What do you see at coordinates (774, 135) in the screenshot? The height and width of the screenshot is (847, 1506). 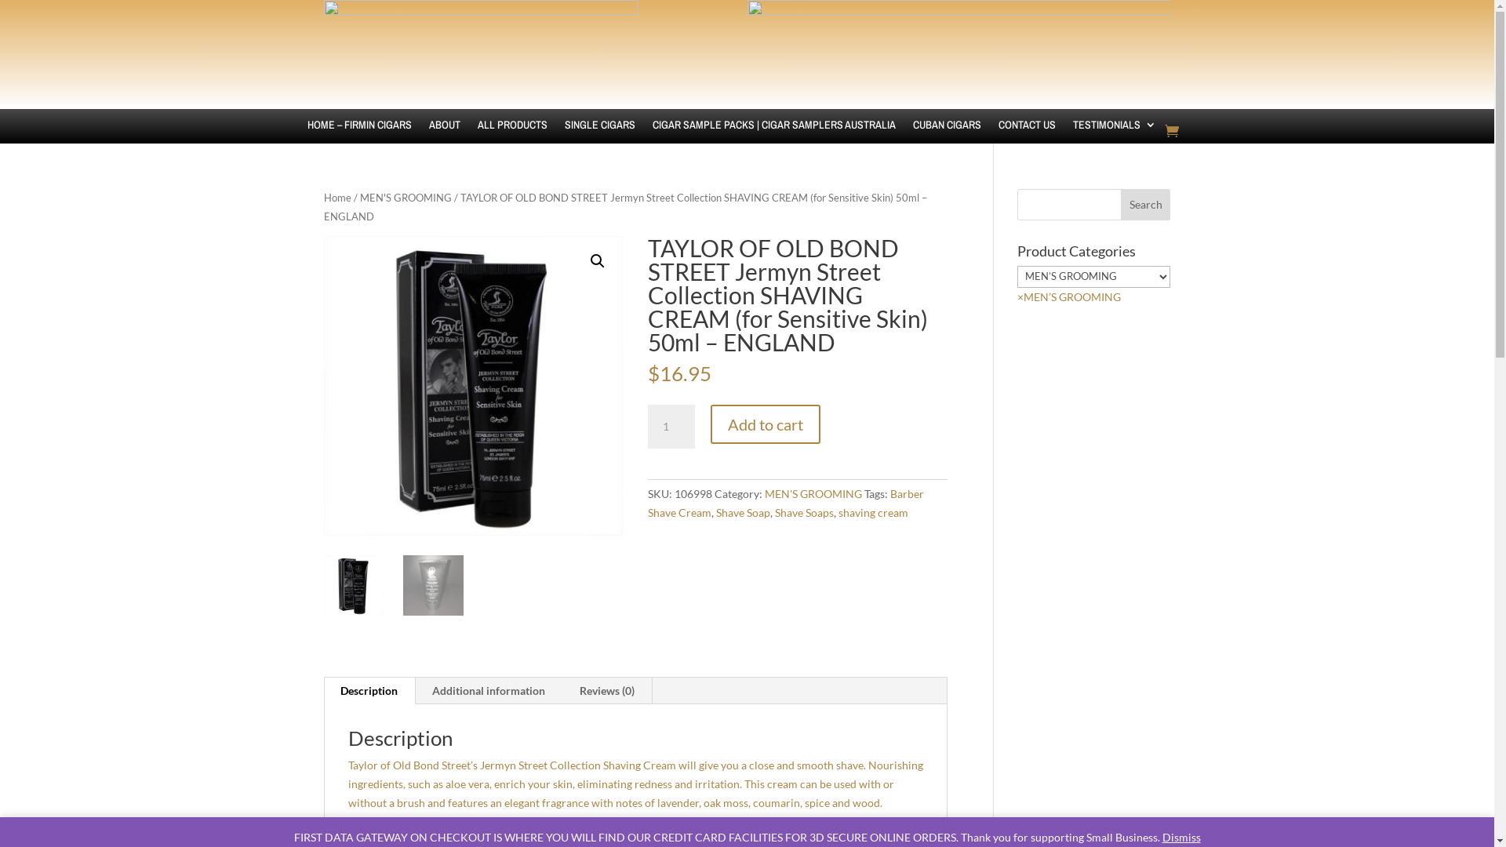 I see `'CIGAR SAMPLE PACKS | CIGAR SAMPLERS AUSTRALIA'` at bounding box center [774, 135].